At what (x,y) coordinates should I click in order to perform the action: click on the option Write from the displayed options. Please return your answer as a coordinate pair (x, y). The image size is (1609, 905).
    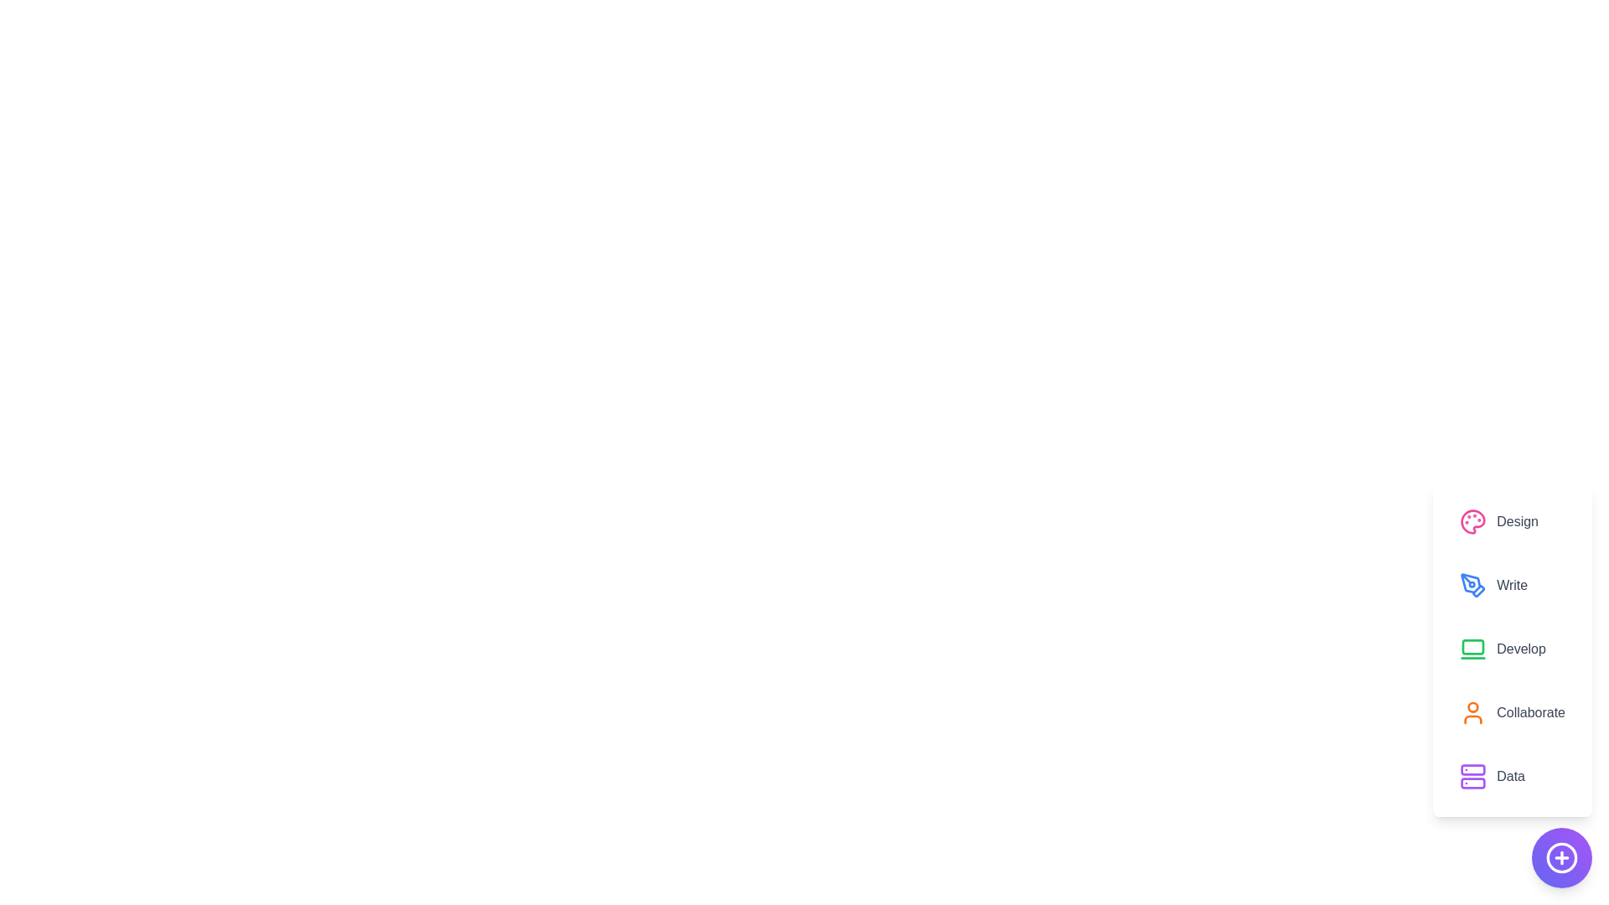
    Looking at the image, I should click on (1512, 584).